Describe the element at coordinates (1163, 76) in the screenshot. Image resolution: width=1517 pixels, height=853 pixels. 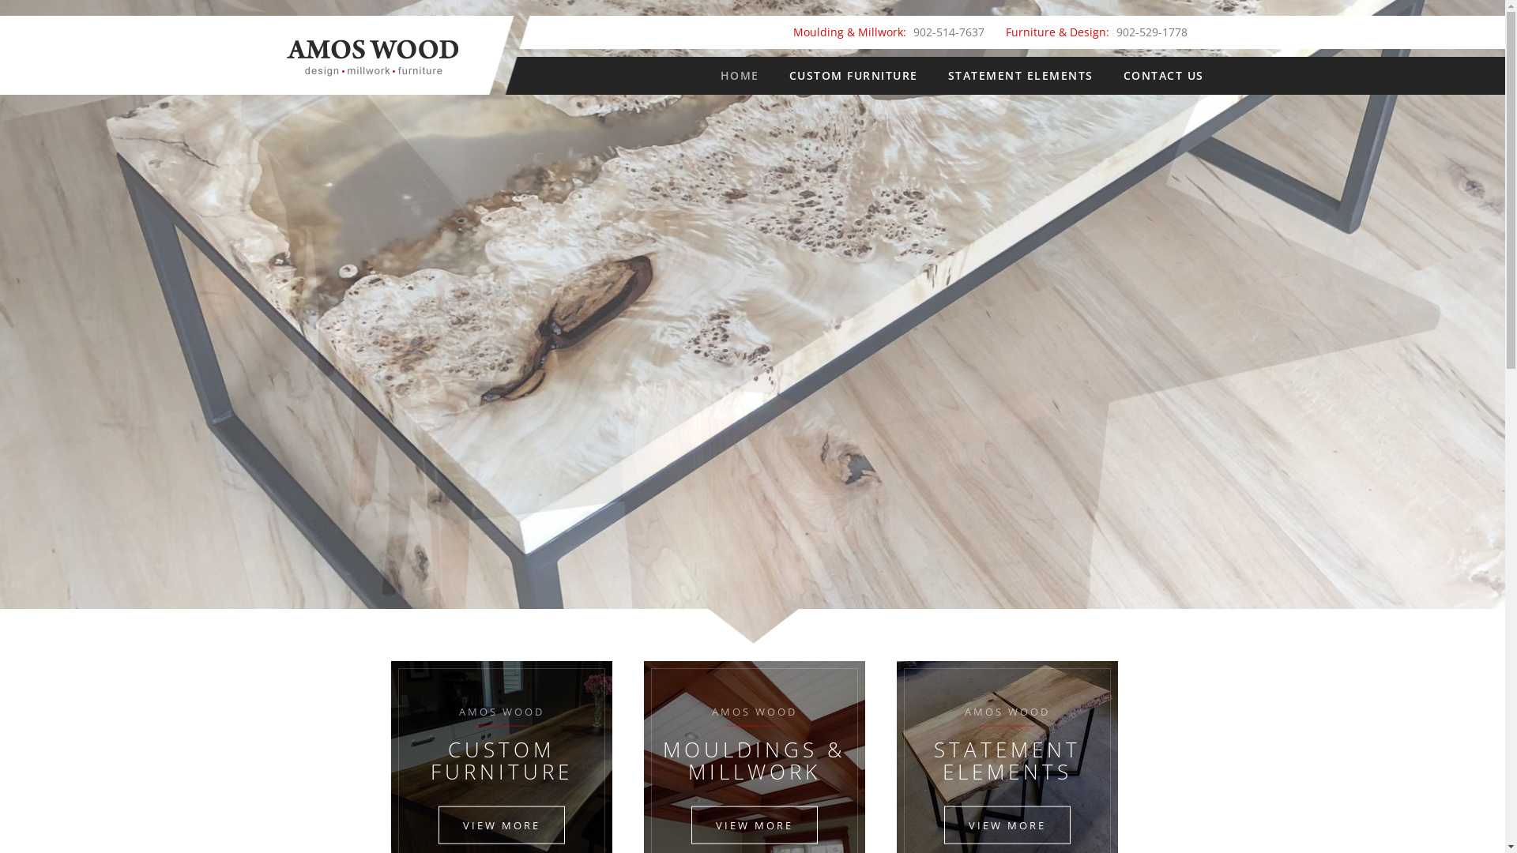
I see `'CONTACT US'` at that location.